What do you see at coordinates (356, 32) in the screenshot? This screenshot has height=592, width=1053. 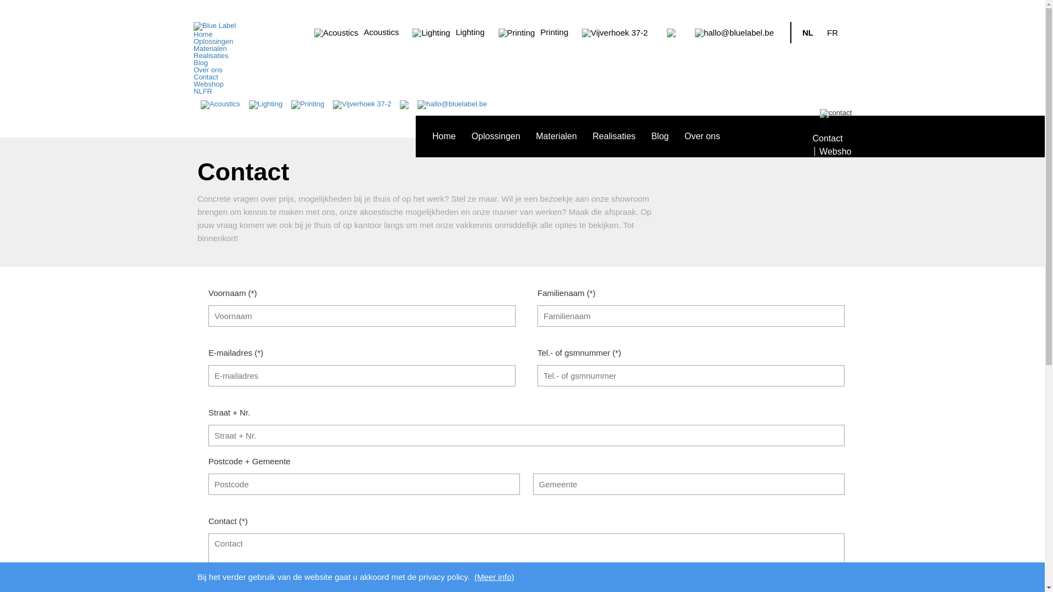 I see `'Acoustics'` at bounding box center [356, 32].